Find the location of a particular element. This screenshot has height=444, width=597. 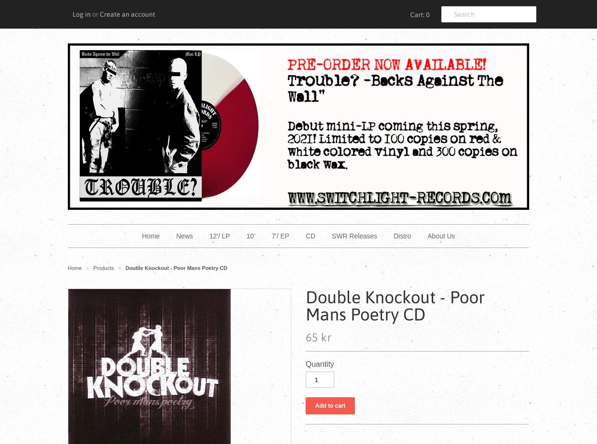

'CD' is located at coordinates (306, 236).